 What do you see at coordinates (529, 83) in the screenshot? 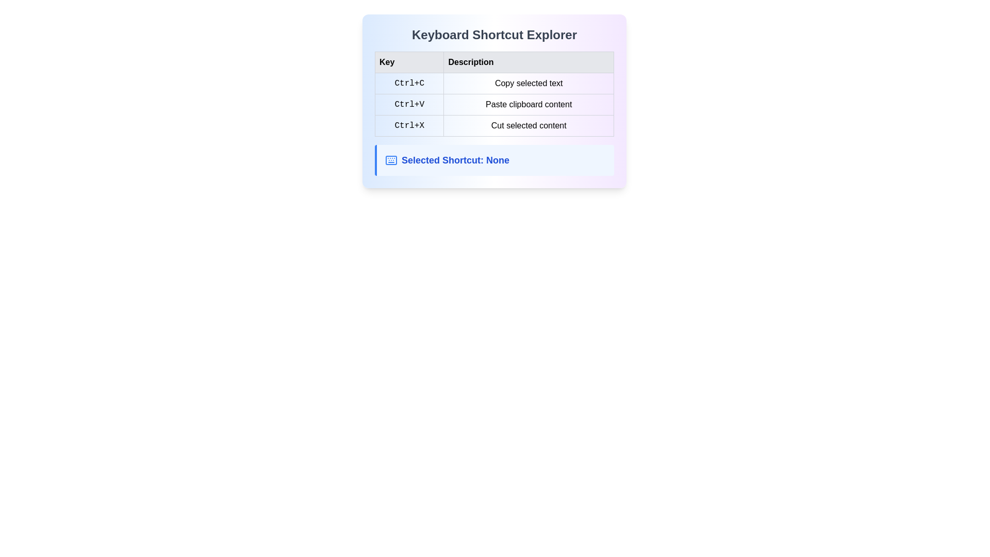
I see `the Label displaying 'Copy selected text', which is part of the Key-Description table under the 'Description' column, located in the first row corresponding to the 'Ctrl+C' shortcut key` at bounding box center [529, 83].